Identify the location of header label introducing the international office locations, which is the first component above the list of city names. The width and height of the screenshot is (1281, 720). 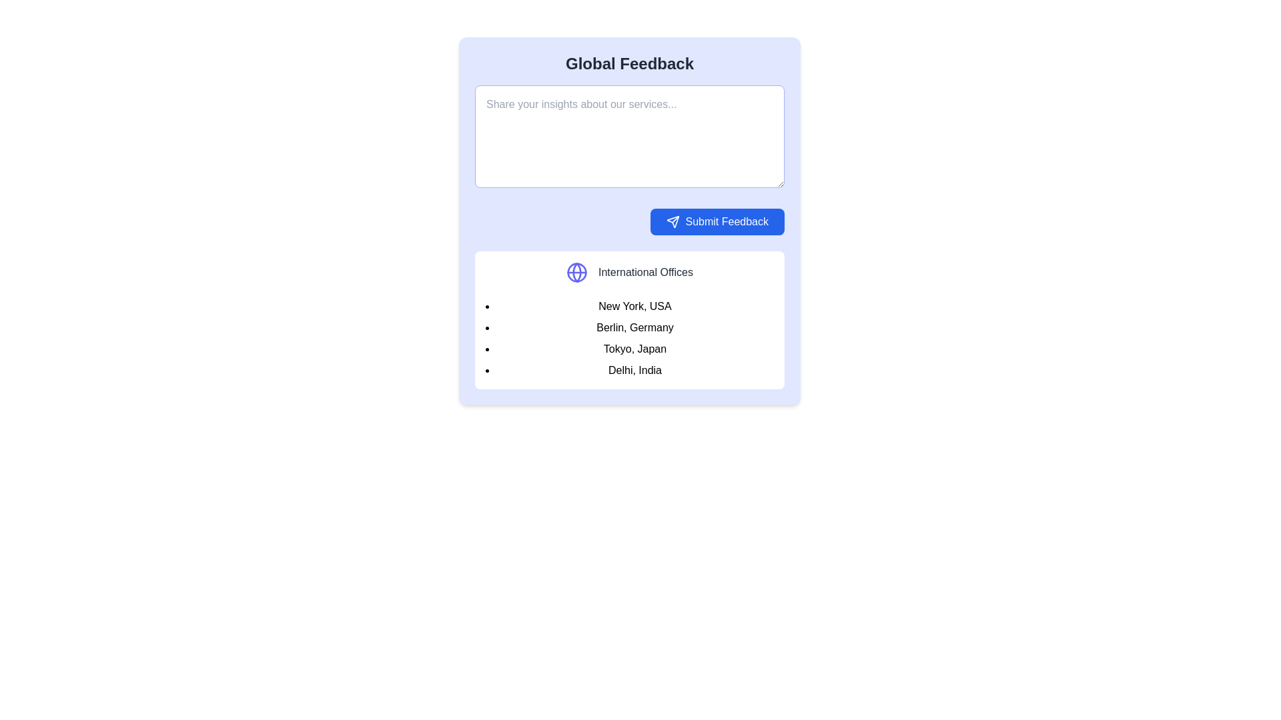
(629, 271).